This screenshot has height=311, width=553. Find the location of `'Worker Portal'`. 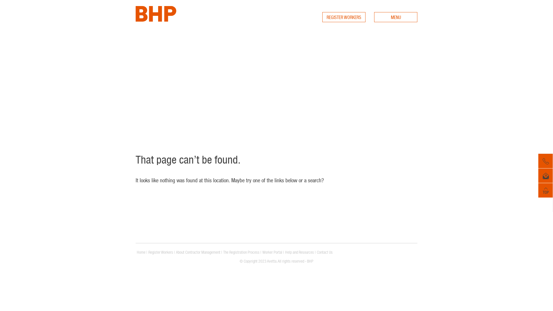

'Worker Portal' is located at coordinates (272, 252).